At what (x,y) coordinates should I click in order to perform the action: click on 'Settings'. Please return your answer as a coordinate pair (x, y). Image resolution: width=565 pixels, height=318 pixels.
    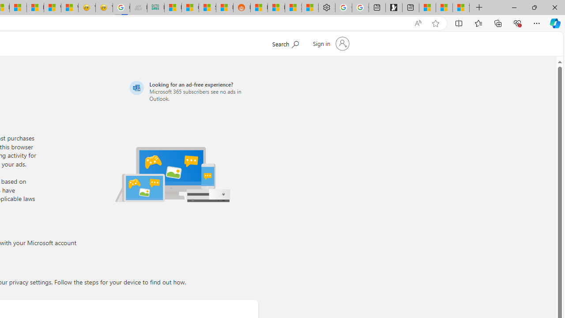
    Looking at the image, I should click on (326, 8).